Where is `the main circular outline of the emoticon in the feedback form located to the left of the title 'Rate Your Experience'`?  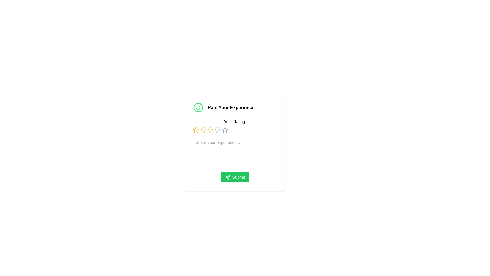 the main circular outline of the emoticon in the feedback form located to the left of the title 'Rate Your Experience' is located at coordinates (198, 107).